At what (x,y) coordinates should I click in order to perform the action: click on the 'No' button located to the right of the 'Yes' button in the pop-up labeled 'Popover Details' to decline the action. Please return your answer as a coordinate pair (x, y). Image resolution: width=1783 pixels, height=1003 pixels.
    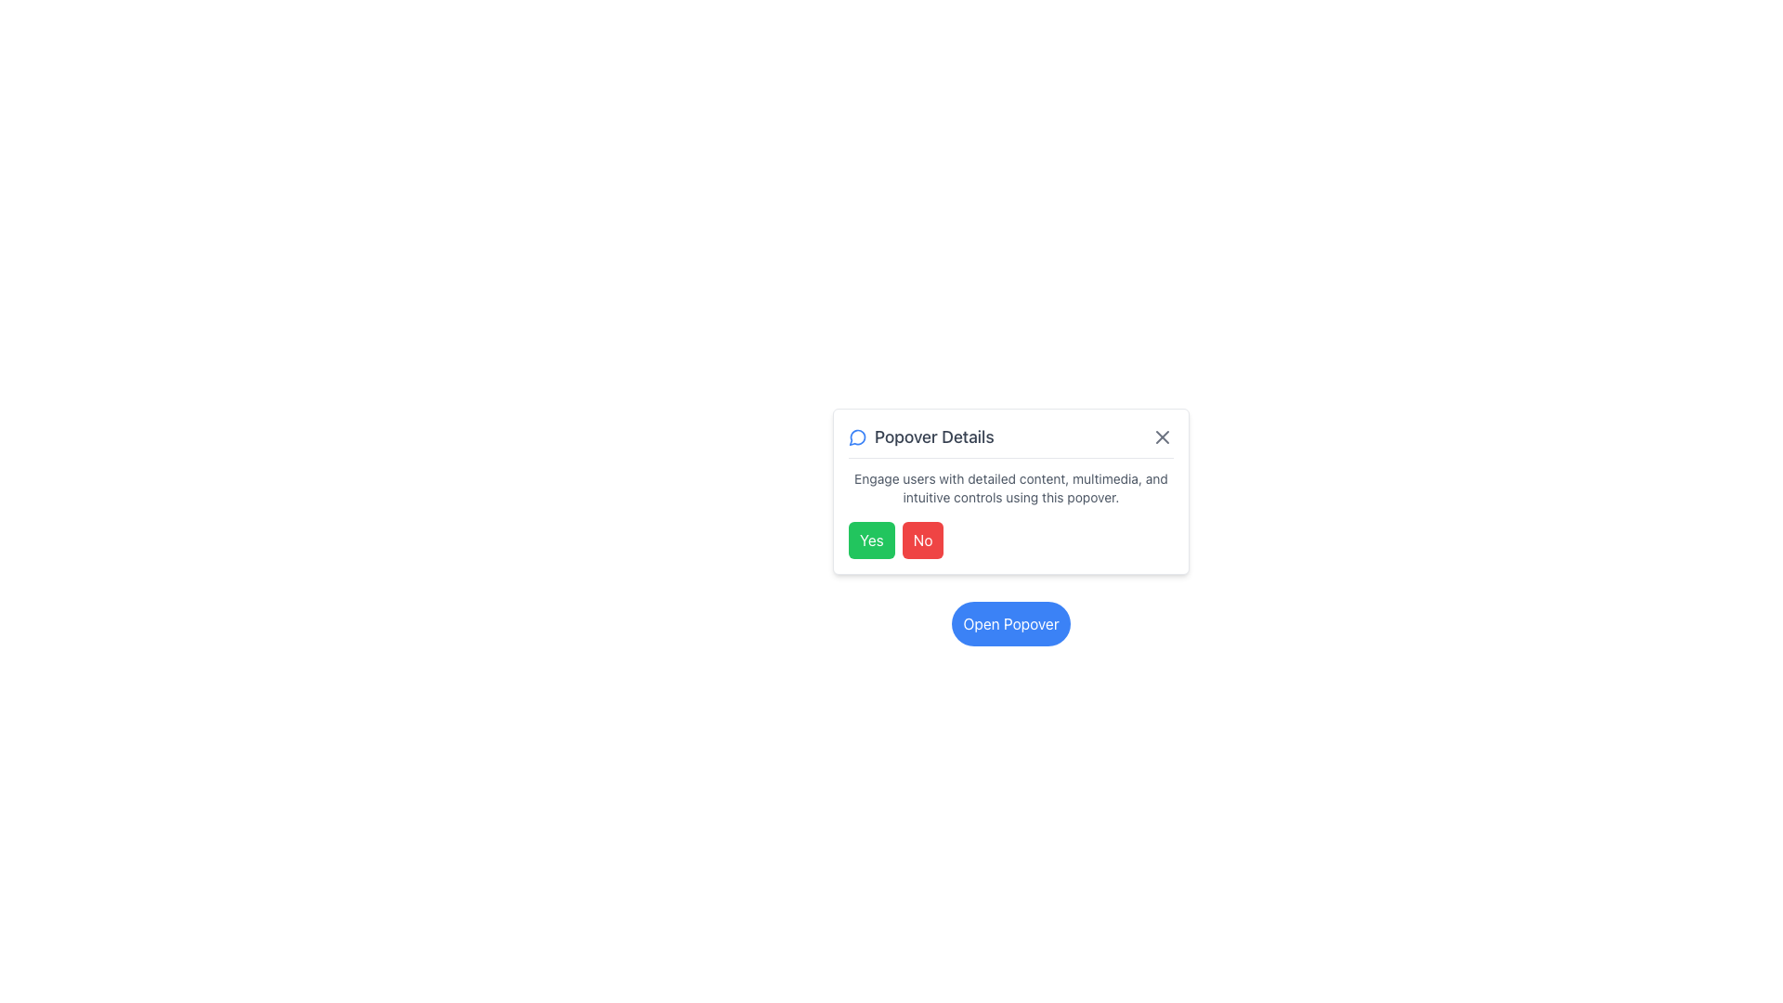
    Looking at the image, I should click on (922, 541).